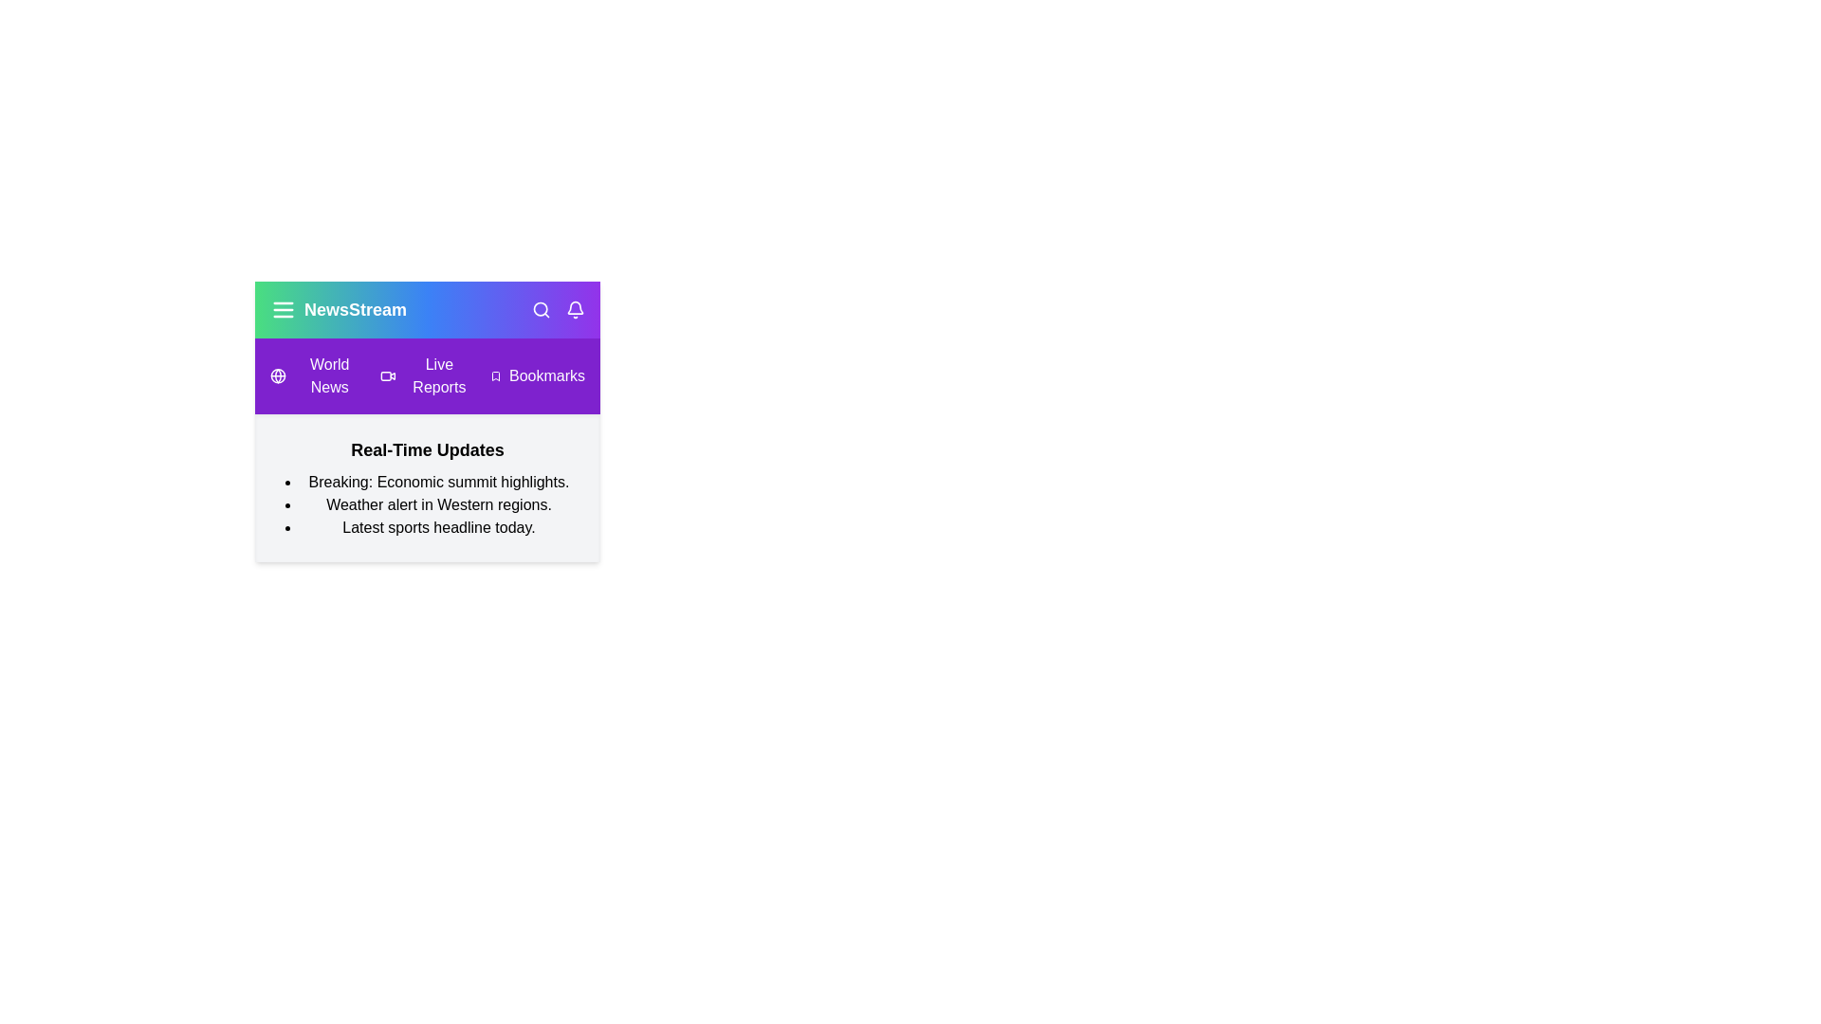  What do you see at coordinates (427, 376) in the screenshot?
I see `the navigation option Live Reports to navigate to the respective section` at bounding box center [427, 376].